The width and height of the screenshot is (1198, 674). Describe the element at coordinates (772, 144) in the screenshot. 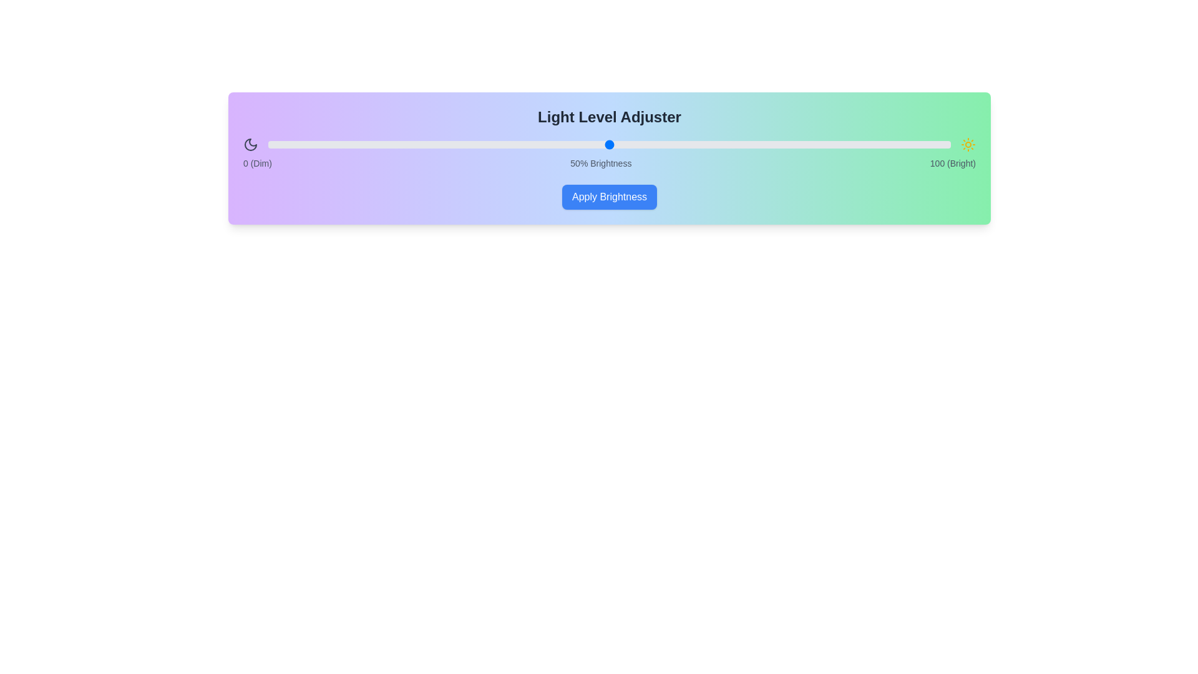

I see `the brightness slider to 74%` at that location.